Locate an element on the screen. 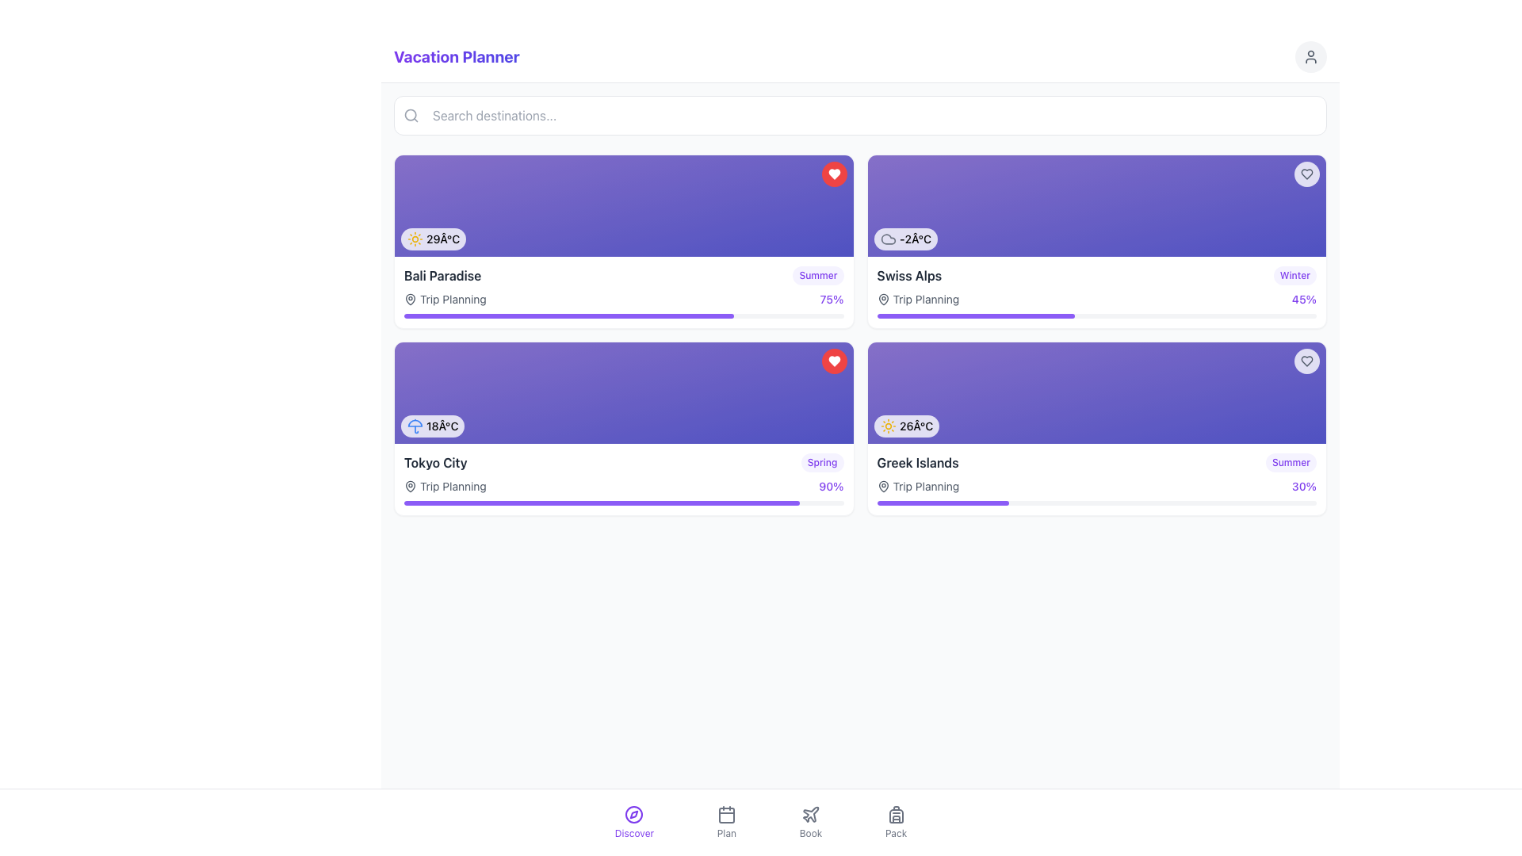 The width and height of the screenshot is (1522, 856). the search icon located at the left edge of the input search box beneath the 'Vacation Planner' title is located at coordinates (411, 115).